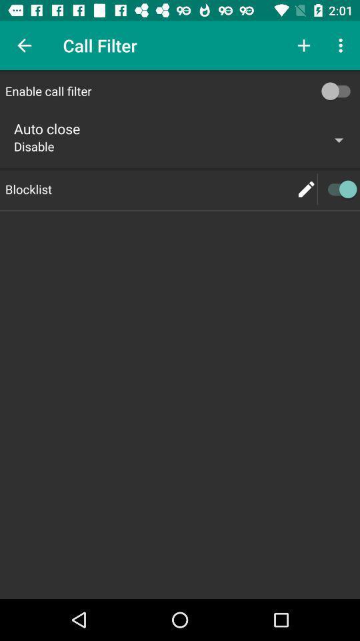 The width and height of the screenshot is (360, 641). I want to click on blocklist, so click(339, 188).